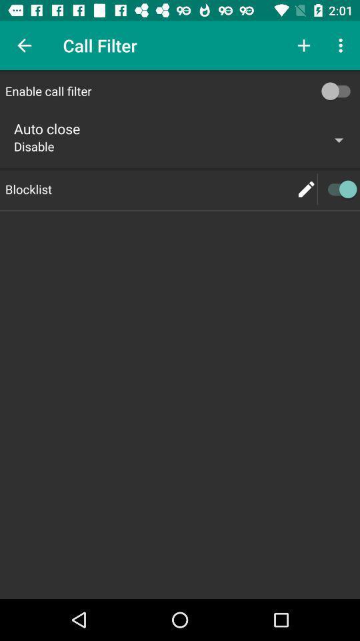 The width and height of the screenshot is (360, 641). I want to click on blocklist, so click(339, 188).